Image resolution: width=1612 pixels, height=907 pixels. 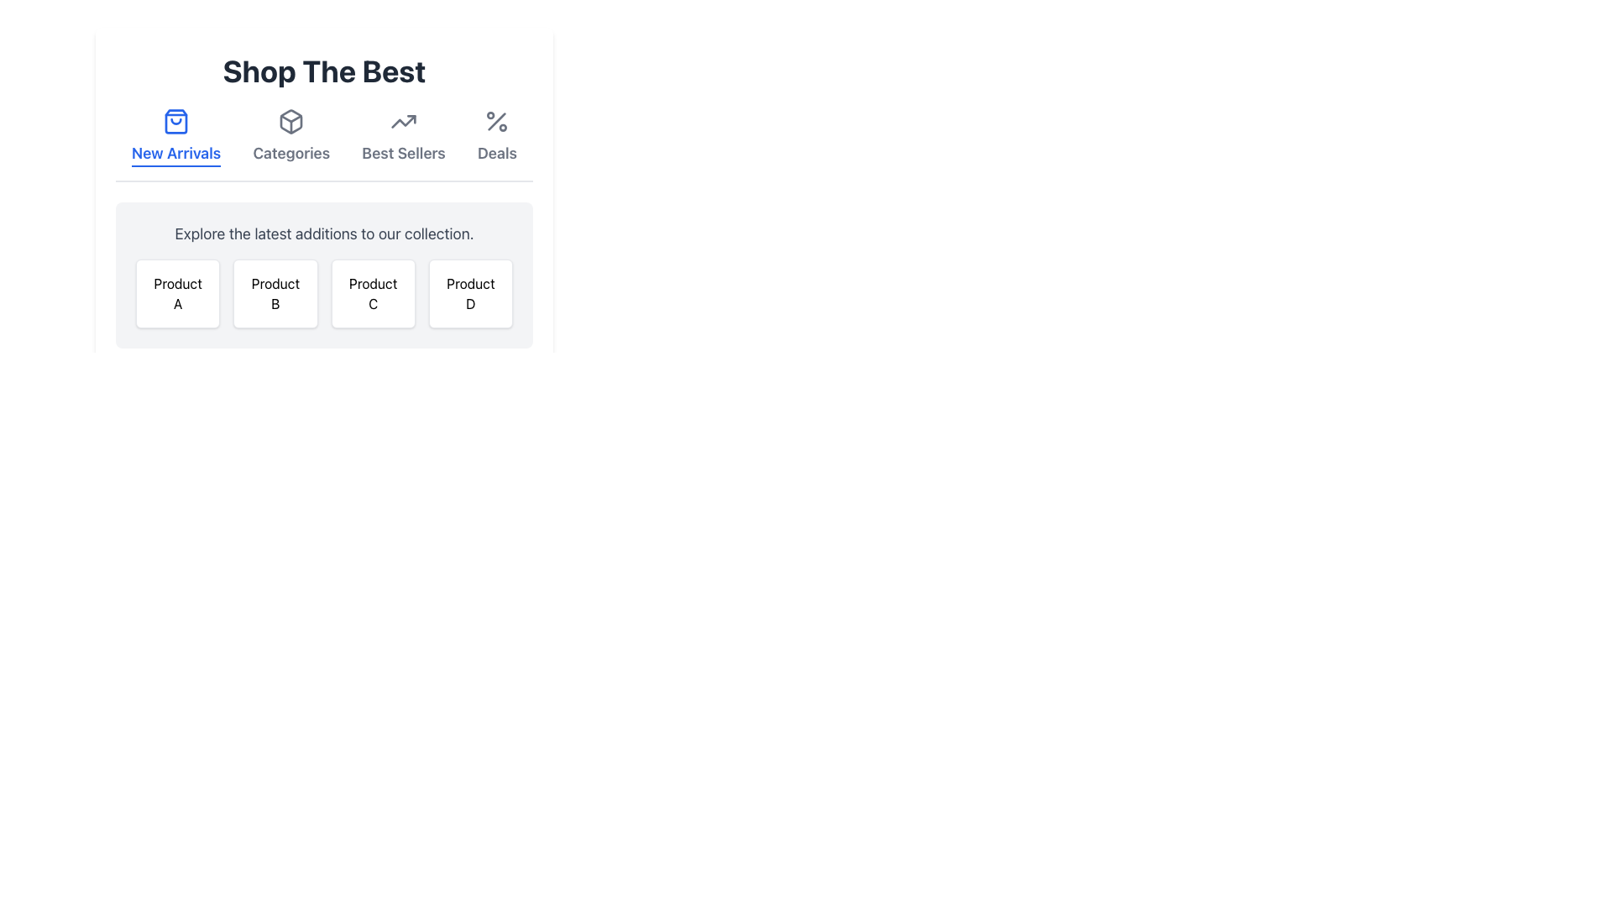 What do you see at coordinates (404, 153) in the screenshot?
I see `the text label in the navigation menu that directs to popular or top-selling products, located under the trending topics icon, which is the third option in the menu` at bounding box center [404, 153].